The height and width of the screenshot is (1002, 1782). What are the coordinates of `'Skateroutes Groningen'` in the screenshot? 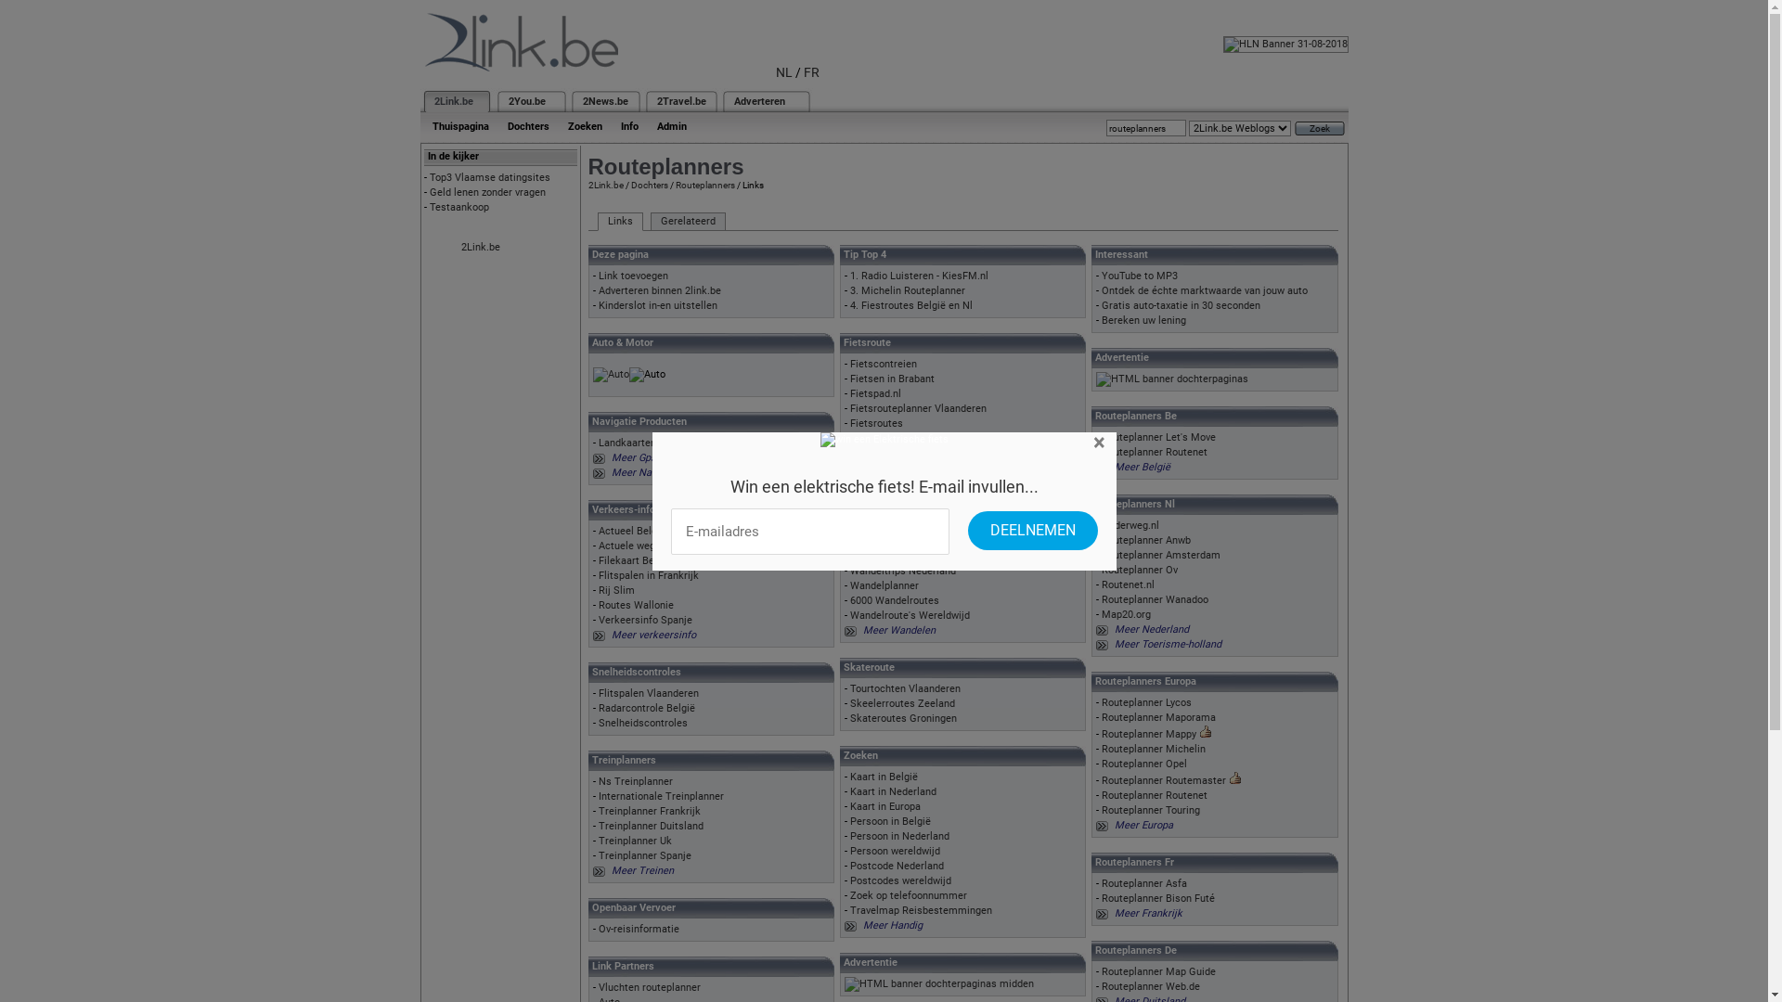 It's located at (903, 717).